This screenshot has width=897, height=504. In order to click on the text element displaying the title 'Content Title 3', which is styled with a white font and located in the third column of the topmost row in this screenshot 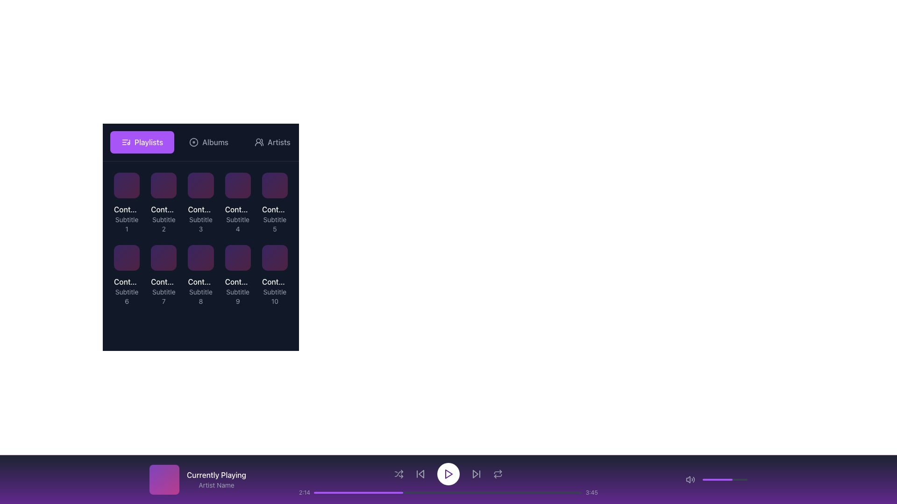, I will do `click(200, 209)`.